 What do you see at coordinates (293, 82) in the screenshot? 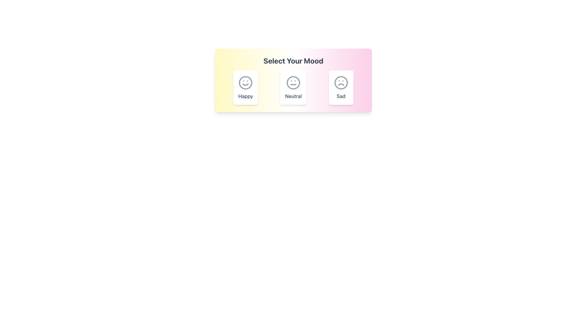
I see `the neutral face icon, which is a circular graphical element with a gray outline, located in the middle box labeled 'Neutral'` at bounding box center [293, 82].